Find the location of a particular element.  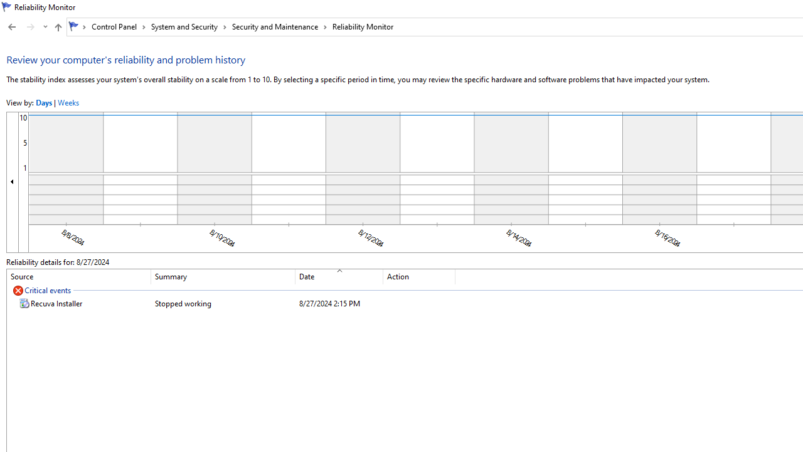

'Security and Maintenance' is located at coordinates (279, 26).